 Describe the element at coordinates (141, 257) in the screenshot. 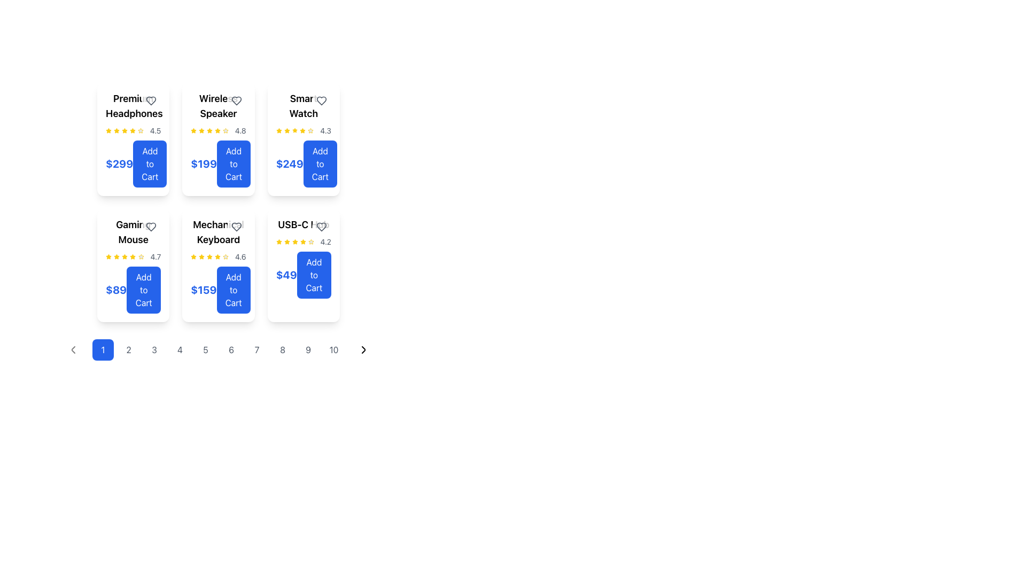

I see `the last star in the five-star rating system under the 'Gaming Mouse' card to potentially interact with the rating value` at that location.